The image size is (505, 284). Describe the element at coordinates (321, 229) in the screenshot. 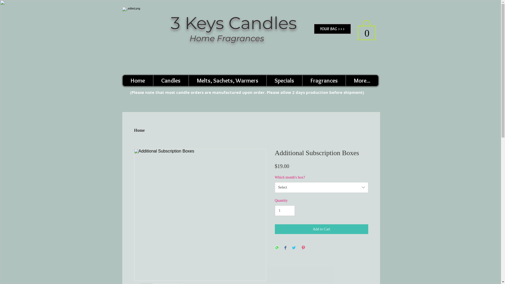

I see `'Add to Cart'` at that location.